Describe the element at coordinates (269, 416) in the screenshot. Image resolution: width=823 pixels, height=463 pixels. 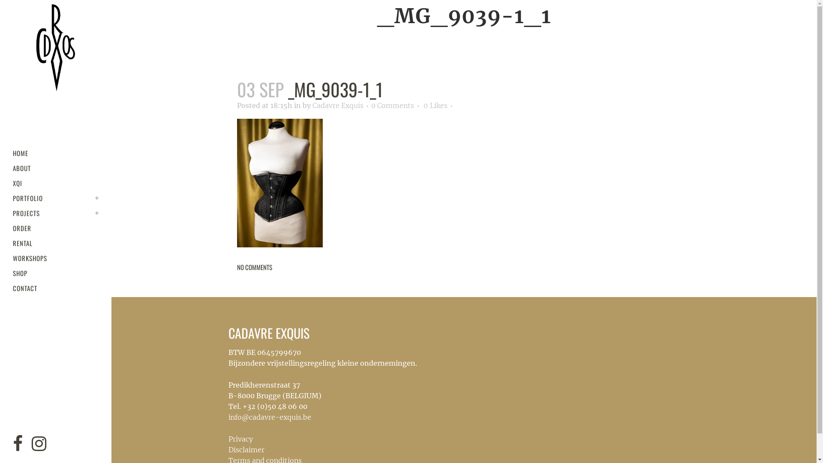
I see `'info@cadavre-exquis.be'` at that location.